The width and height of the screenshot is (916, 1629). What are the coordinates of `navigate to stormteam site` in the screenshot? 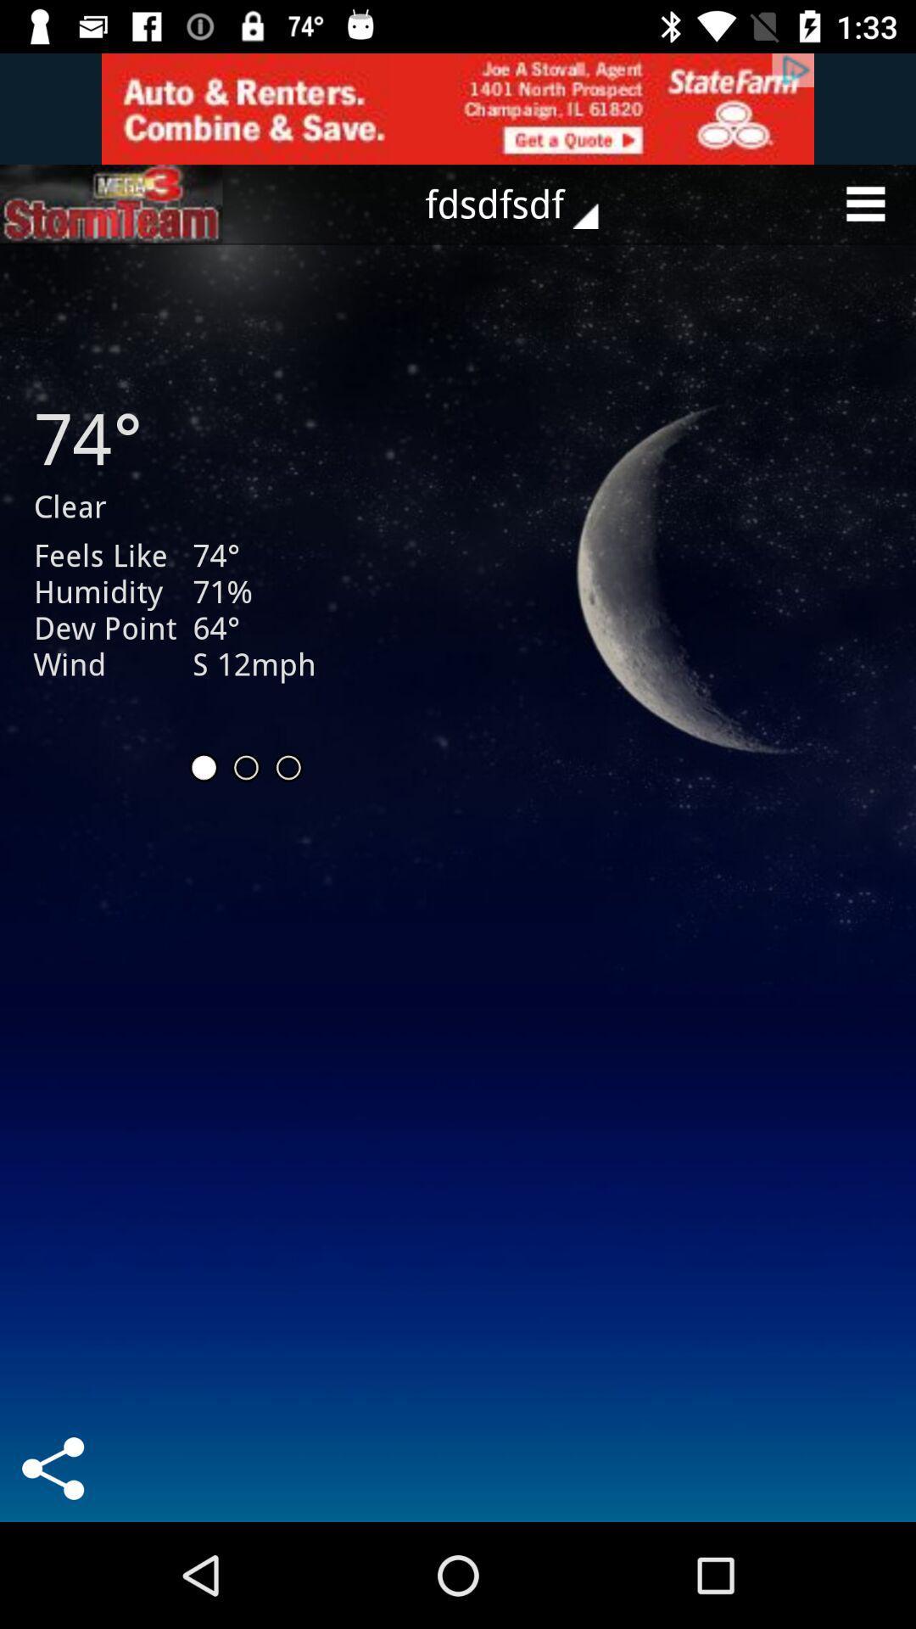 It's located at (111, 204).